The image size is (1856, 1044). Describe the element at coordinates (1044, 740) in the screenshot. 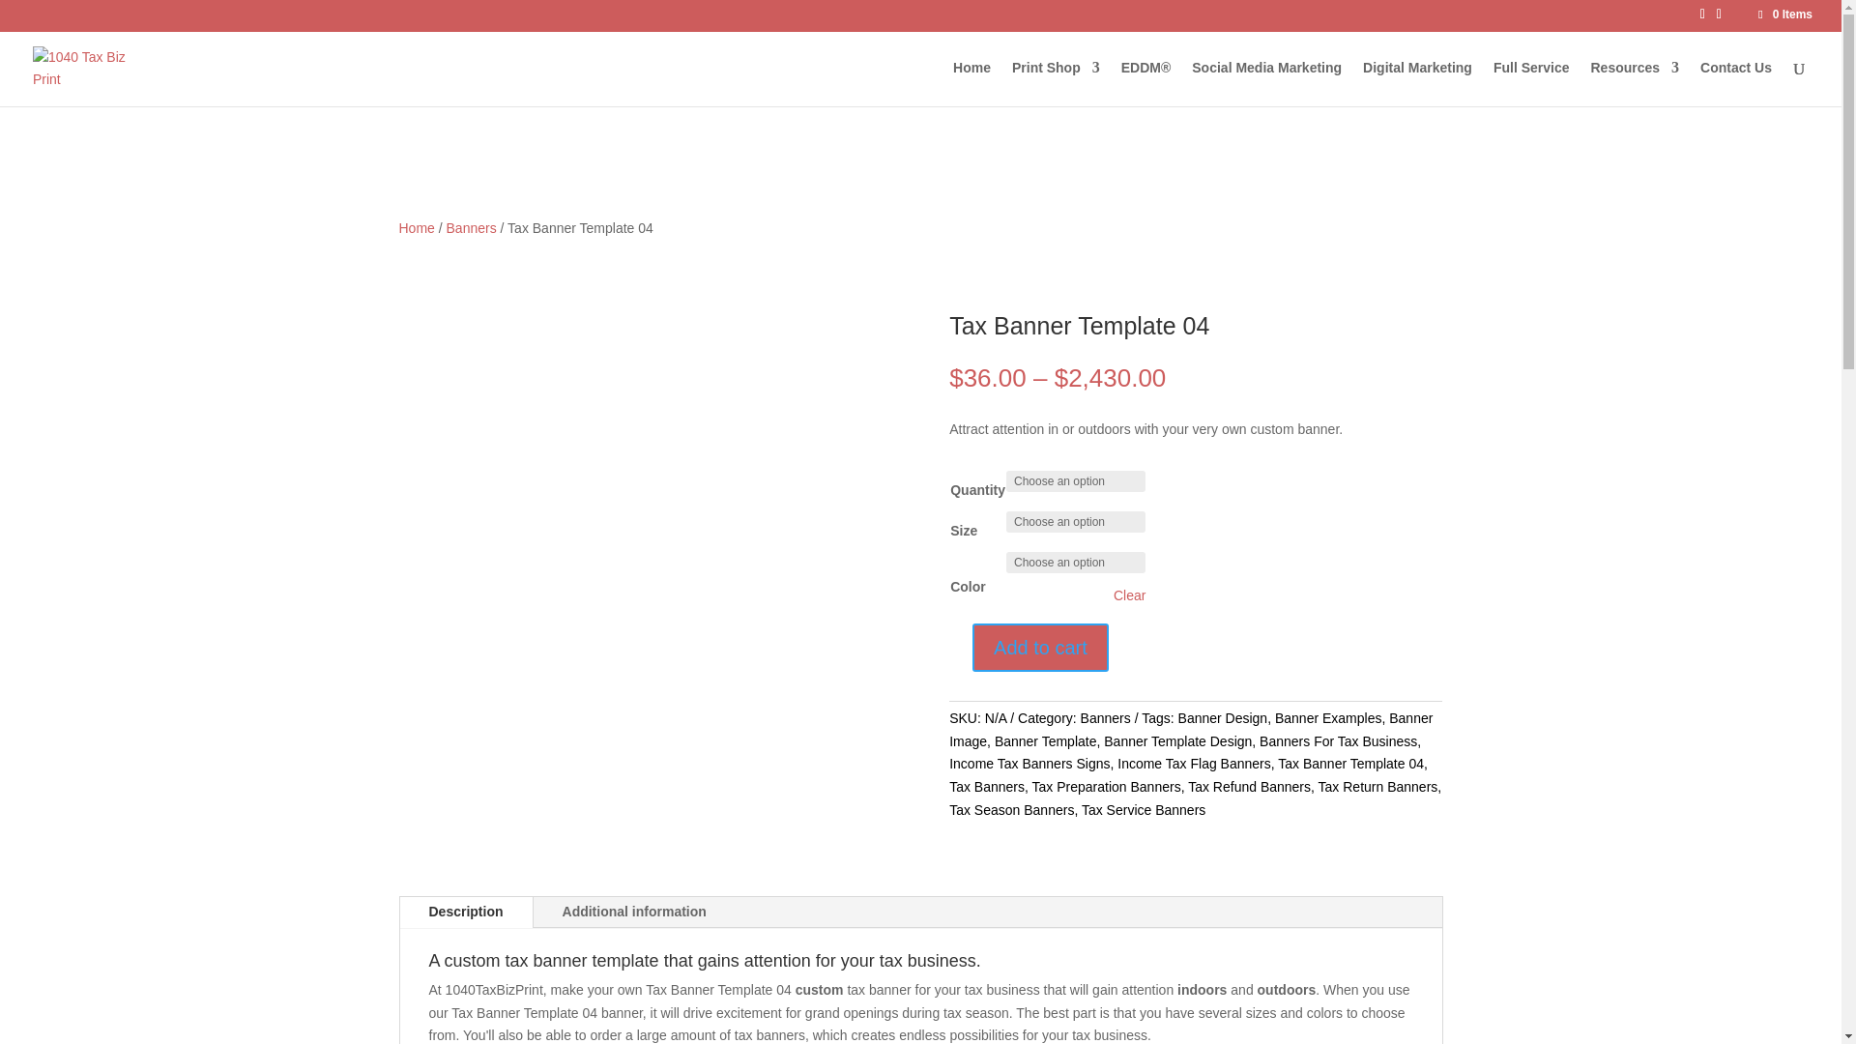

I see `'Banner Template'` at that location.